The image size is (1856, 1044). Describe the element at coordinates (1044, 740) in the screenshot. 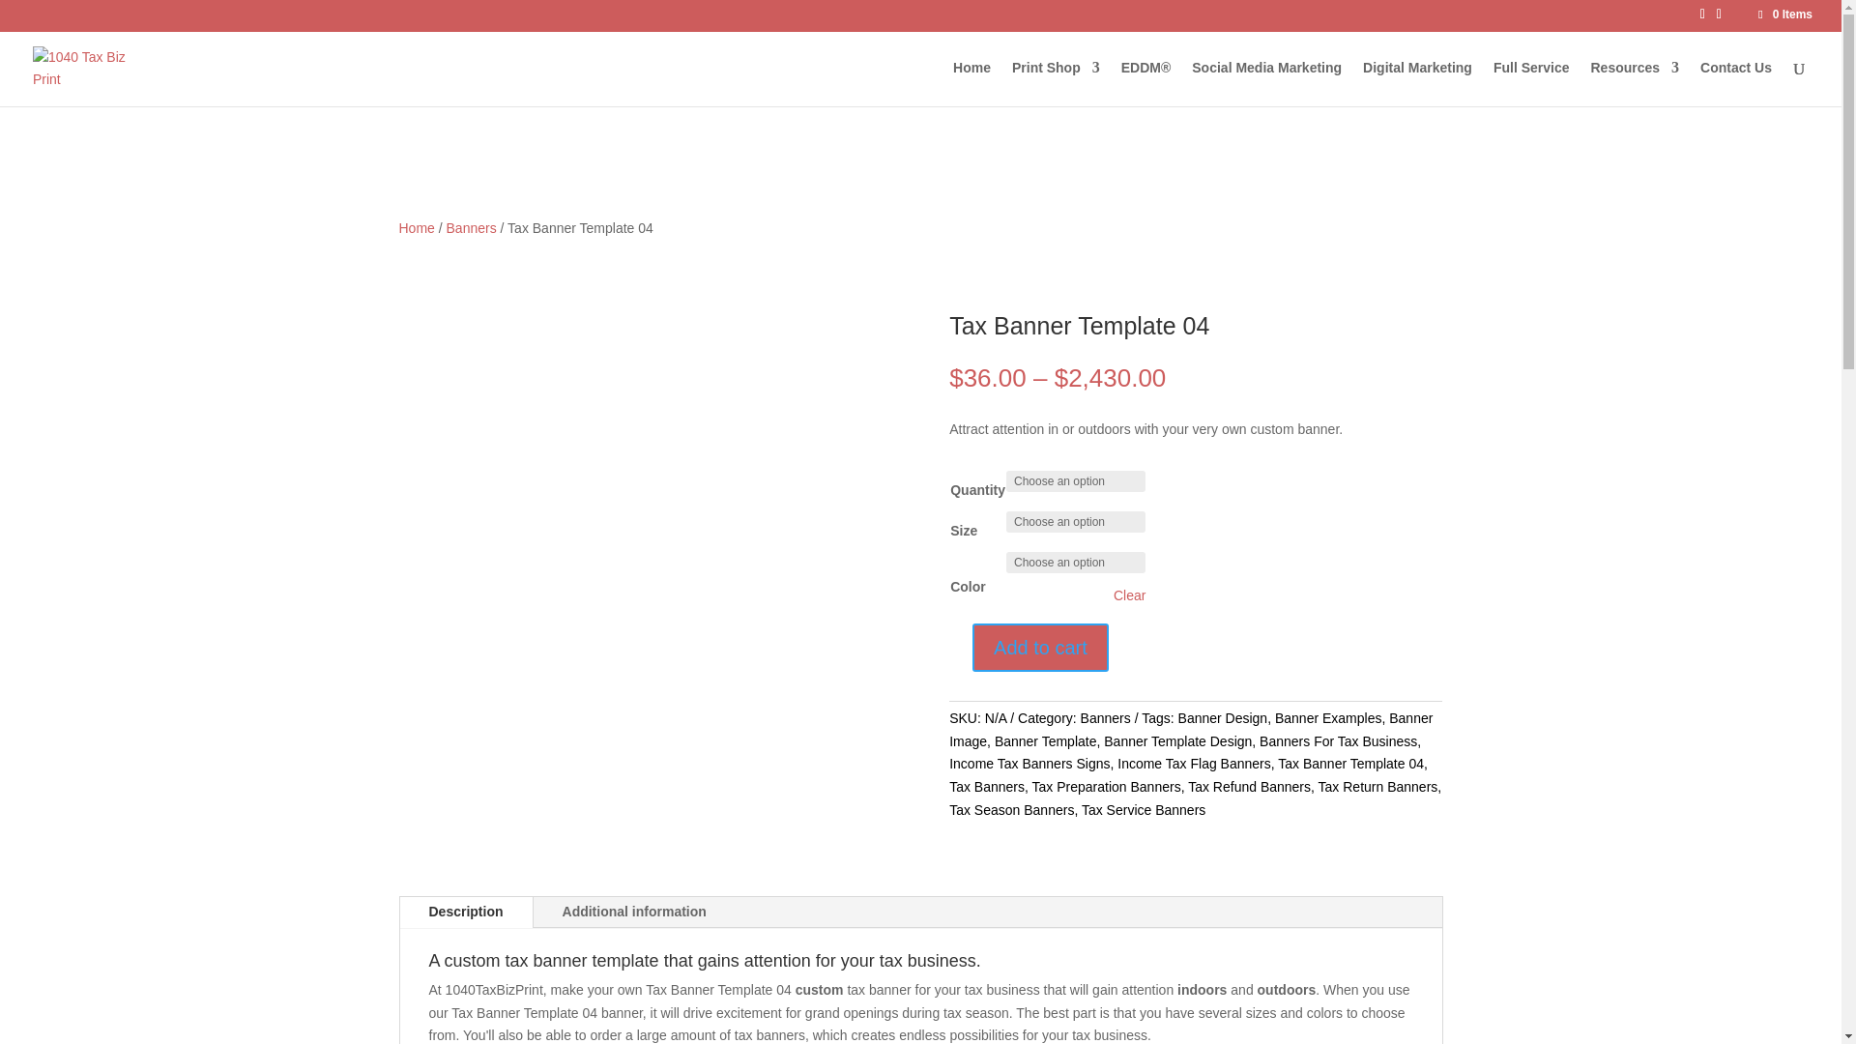

I see `'Banner Template'` at that location.